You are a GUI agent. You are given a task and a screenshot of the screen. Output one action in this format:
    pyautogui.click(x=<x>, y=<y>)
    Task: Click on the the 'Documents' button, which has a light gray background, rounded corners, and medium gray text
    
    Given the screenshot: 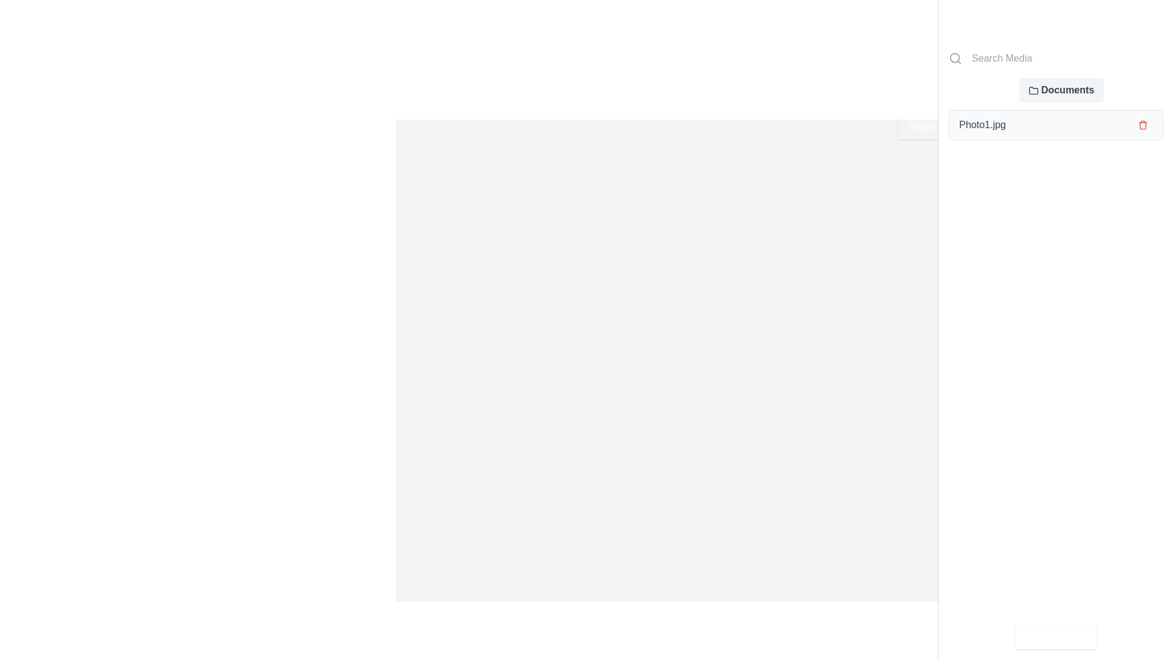 What is the action you would take?
    pyautogui.click(x=1055, y=89)
    